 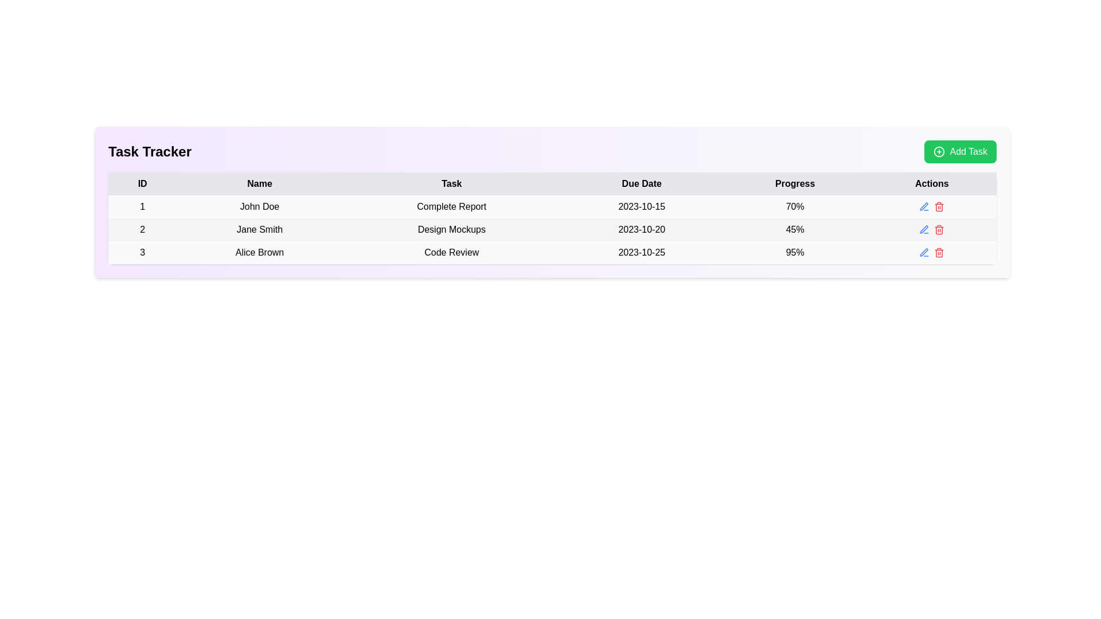 What do you see at coordinates (552, 207) in the screenshot?
I see `the first row of the task table to perform batch actions` at bounding box center [552, 207].